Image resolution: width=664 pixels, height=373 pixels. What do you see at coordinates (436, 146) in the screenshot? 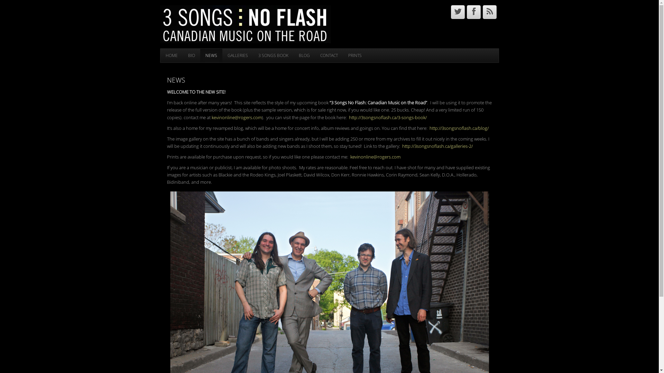
I see `'http://3songsnoflash.ca/galleries-2/'` at bounding box center [436, 146].